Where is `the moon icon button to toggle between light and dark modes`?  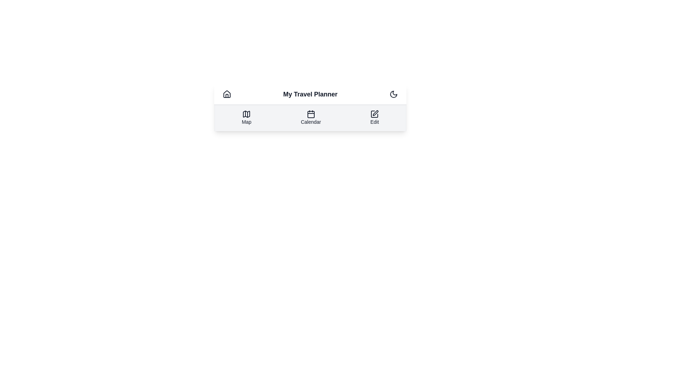 the moon icon button to toggle between light and dark modes is located at coordinates (393, 94).